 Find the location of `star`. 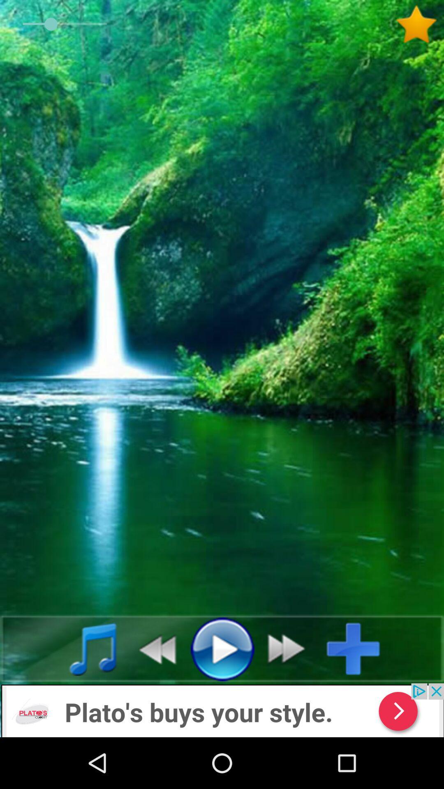

star is located at coordinates (419, 24).